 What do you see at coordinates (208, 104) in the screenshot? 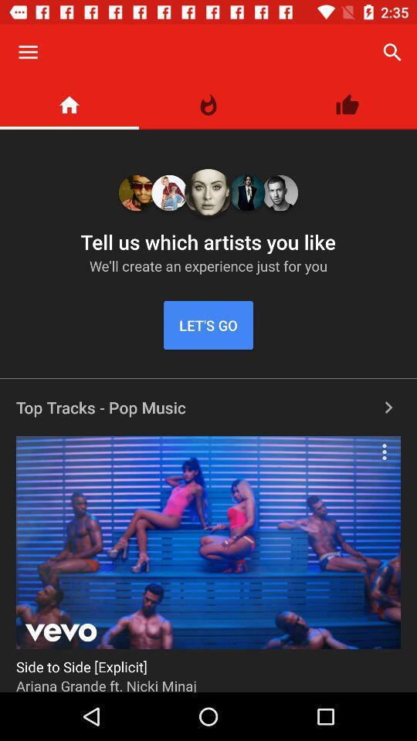
I see `the compare icon` at bounding box center [208, 104].